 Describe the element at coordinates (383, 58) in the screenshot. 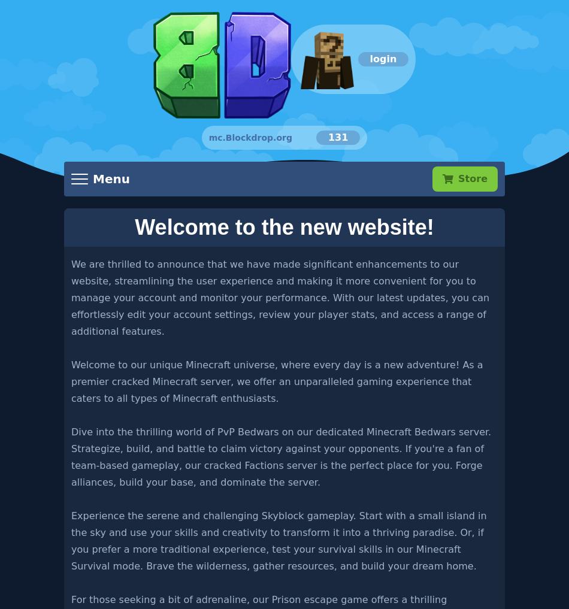

I see `'login'` at that location.